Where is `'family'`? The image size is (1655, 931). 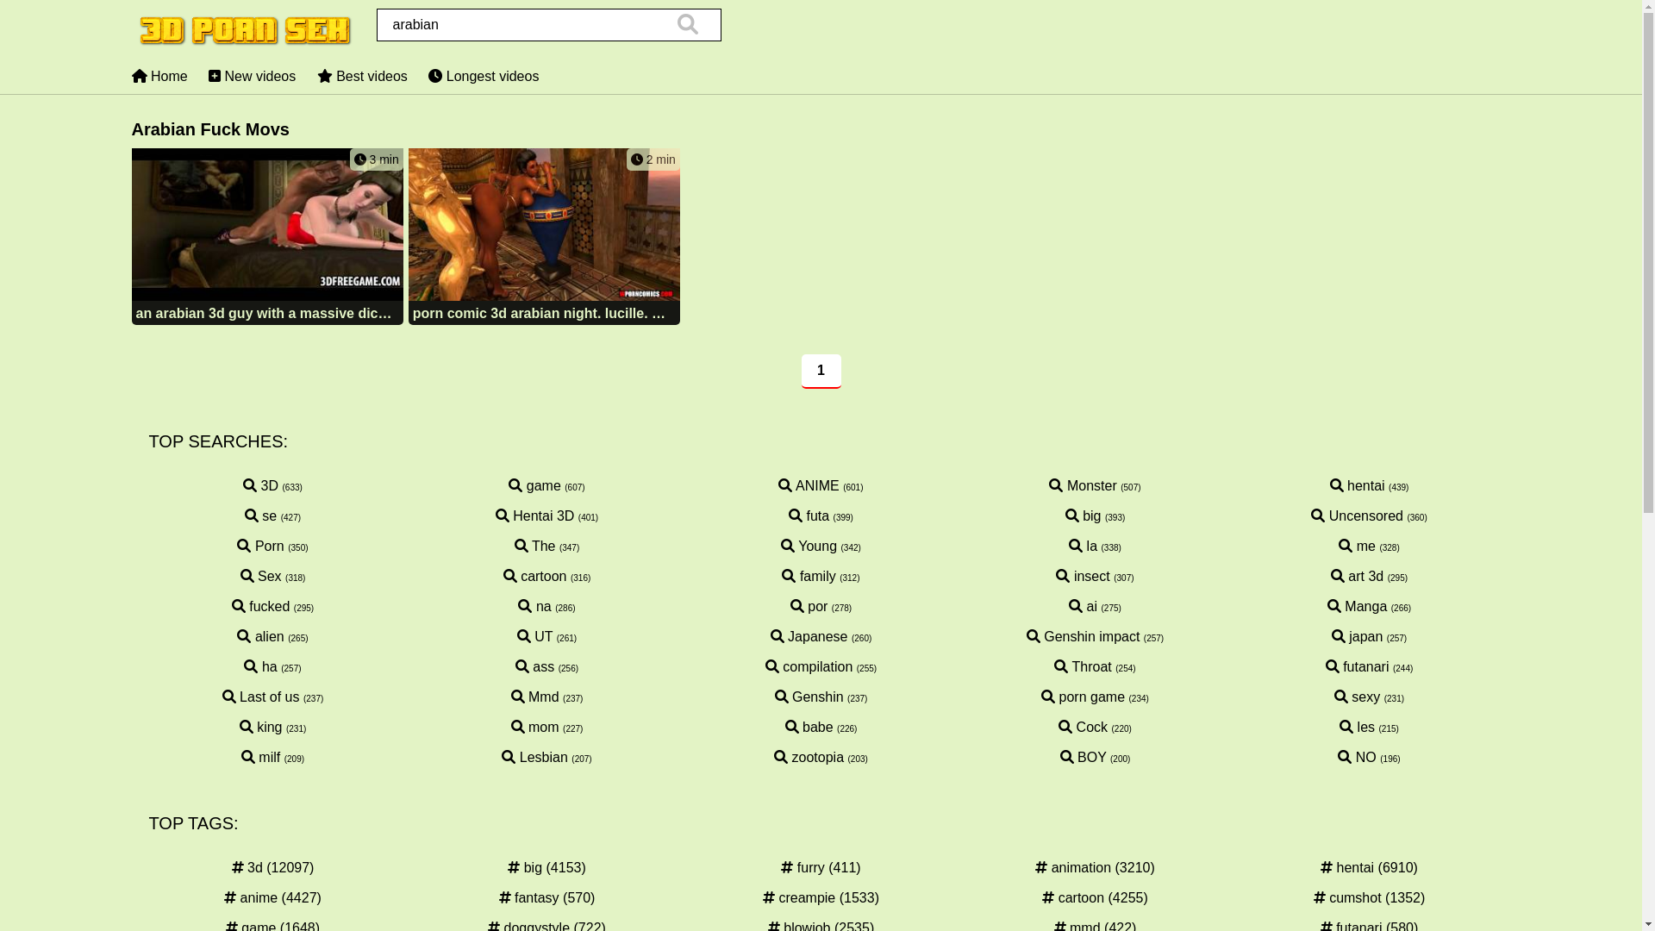 'family' is located at coordinates (807, 576).